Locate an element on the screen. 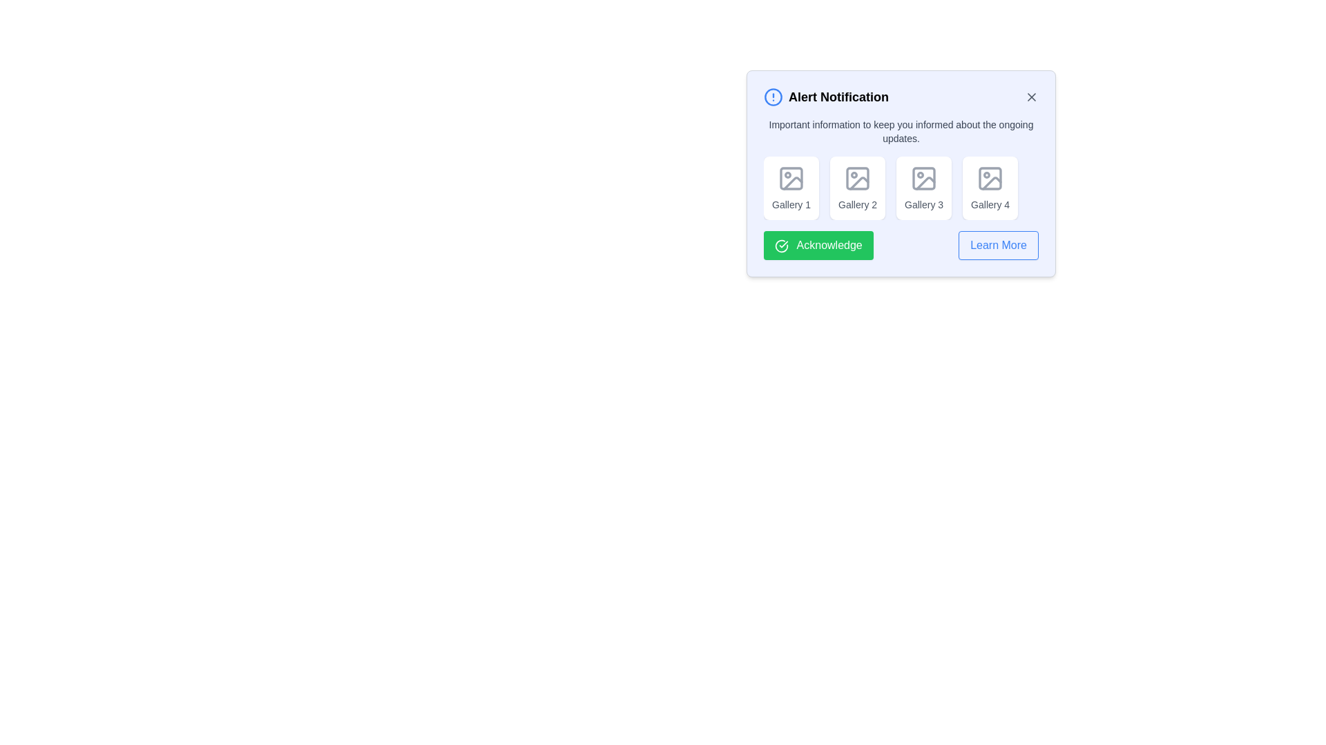 The height and width of the screenshot is (745, 1326). the 'Learn More' button to view additional details is located at coordinates (998, 244).